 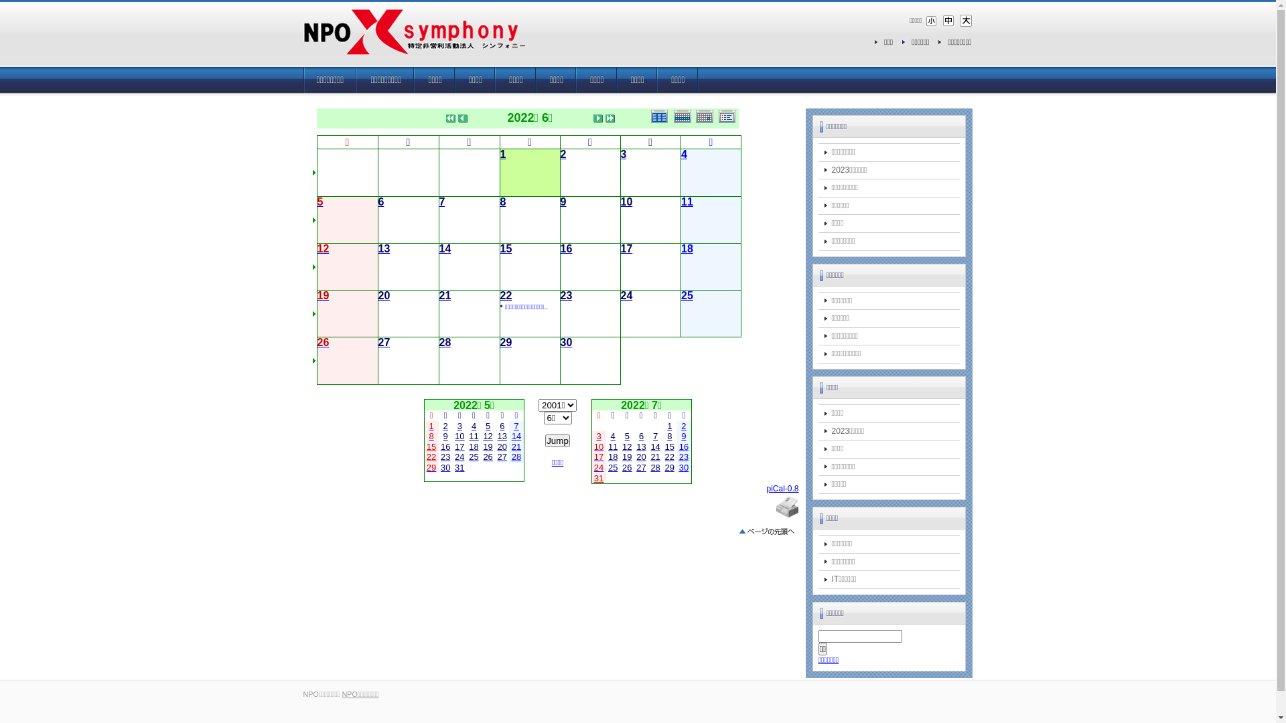 I want to click on '12', so click(x=324, y=250).